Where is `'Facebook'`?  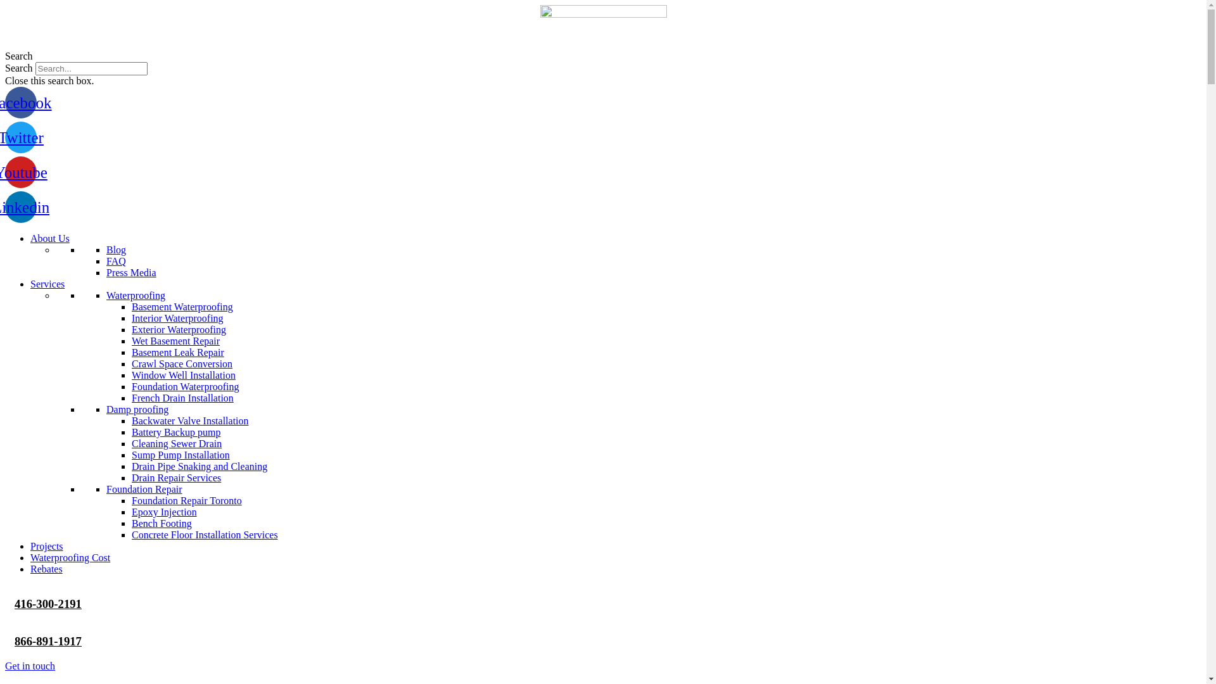 'Facebook' is located at coordinates (21, 102).